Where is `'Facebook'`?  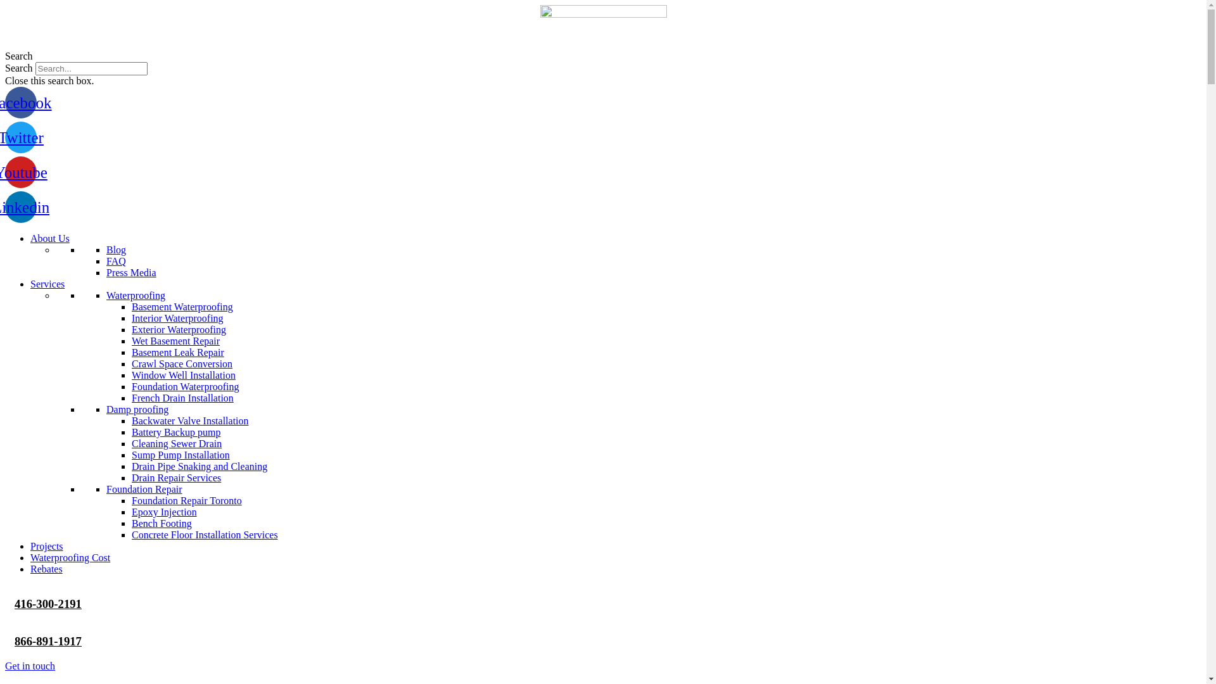 'Facebook' is located at coordinates (21, 102).